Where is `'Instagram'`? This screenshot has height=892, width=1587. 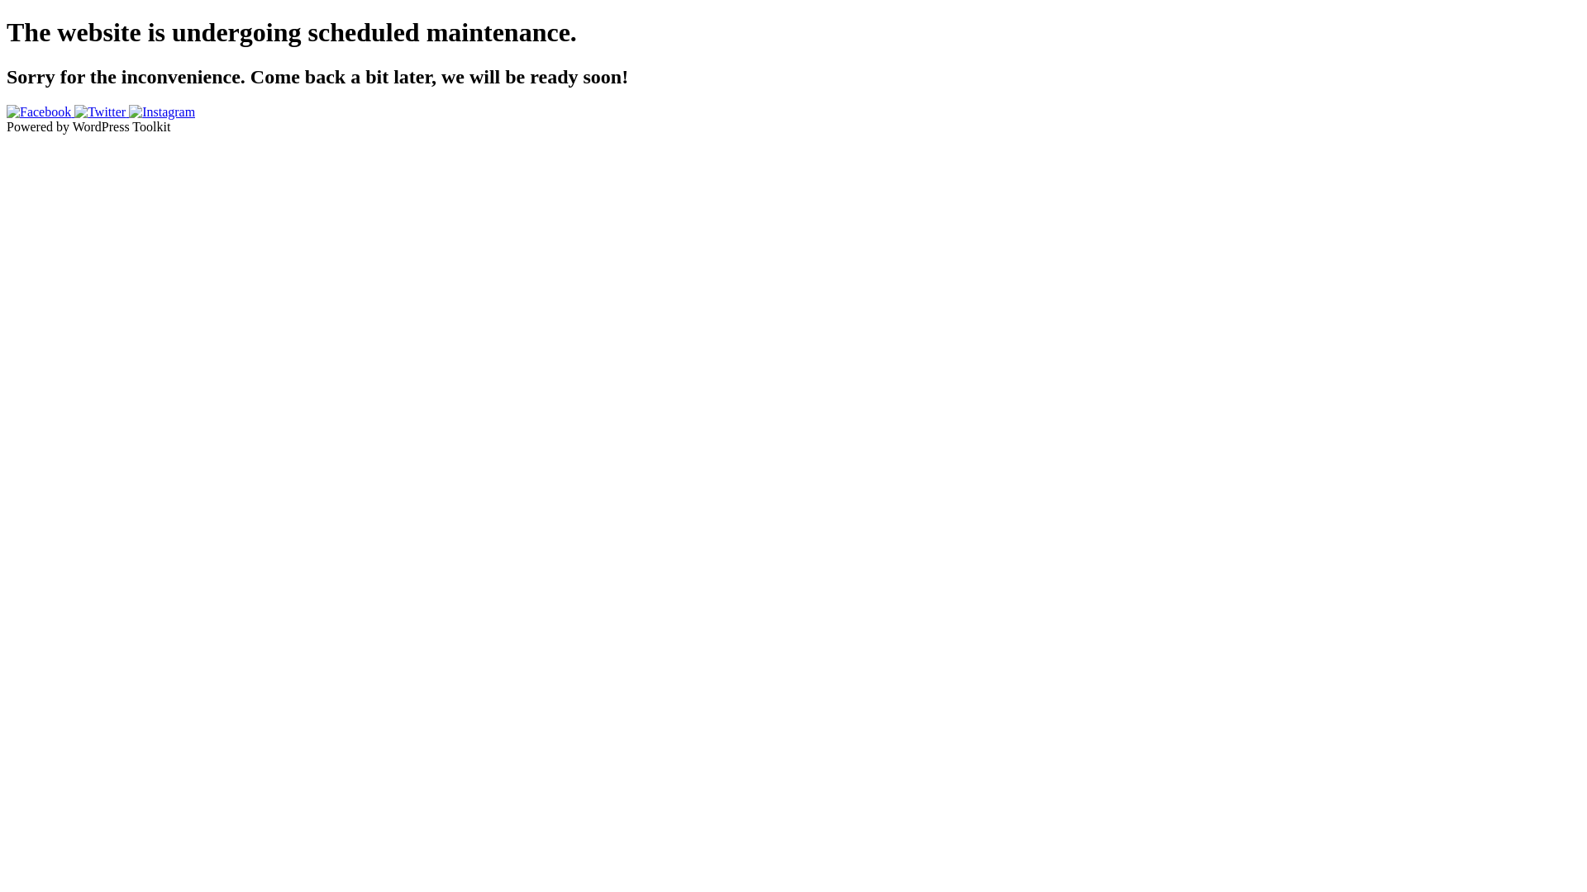 'Instagram' is located at coordinates (162, 111).